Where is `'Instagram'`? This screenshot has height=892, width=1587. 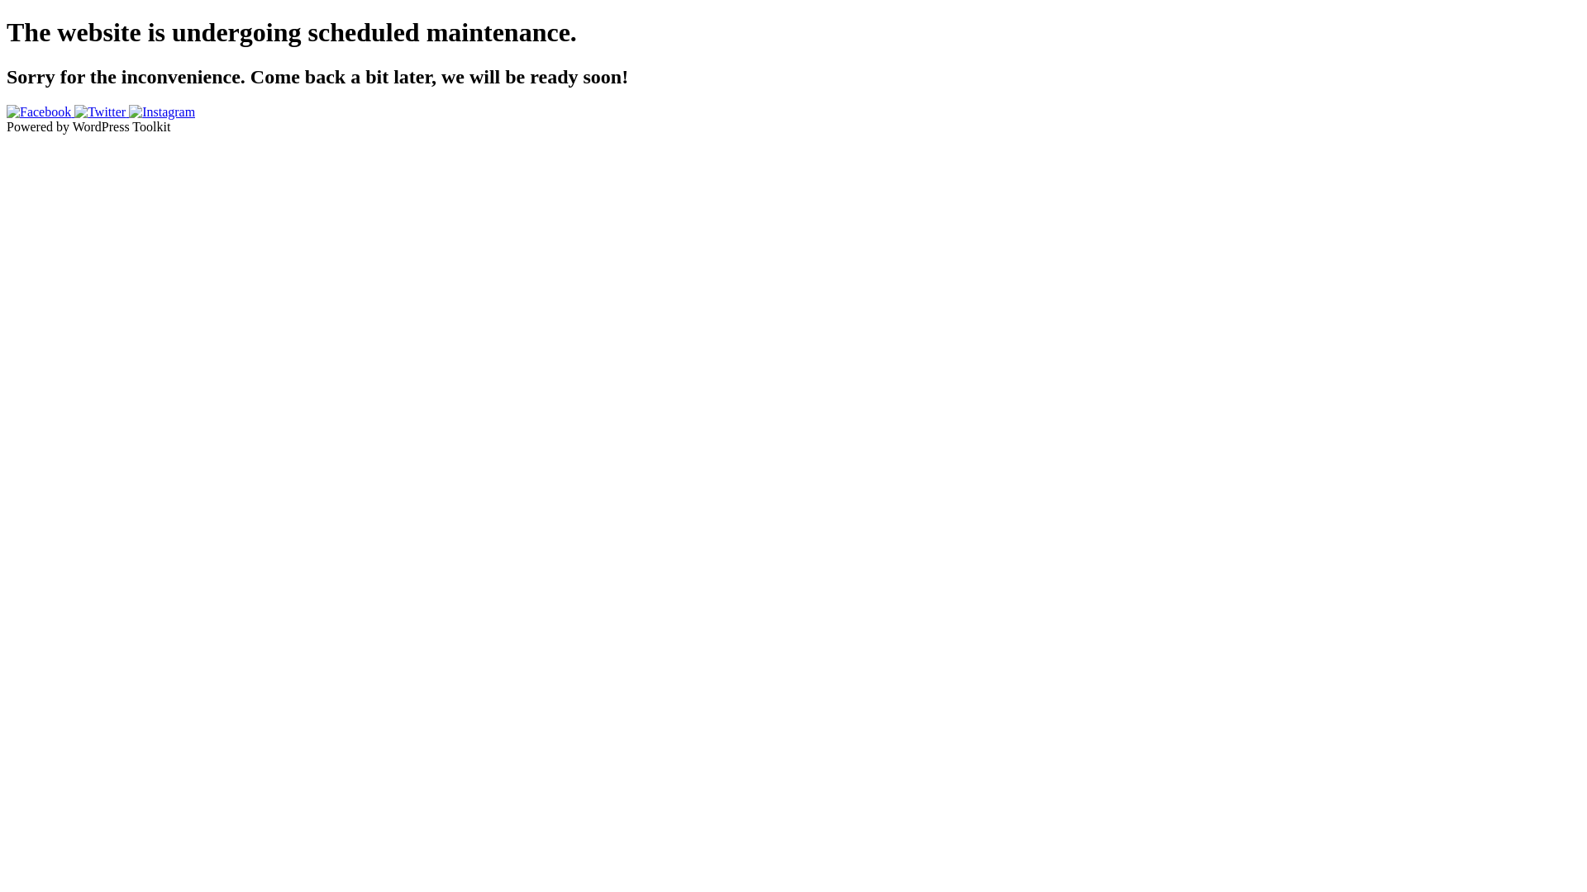 'Instagram' is located at coordinates (162, 111).